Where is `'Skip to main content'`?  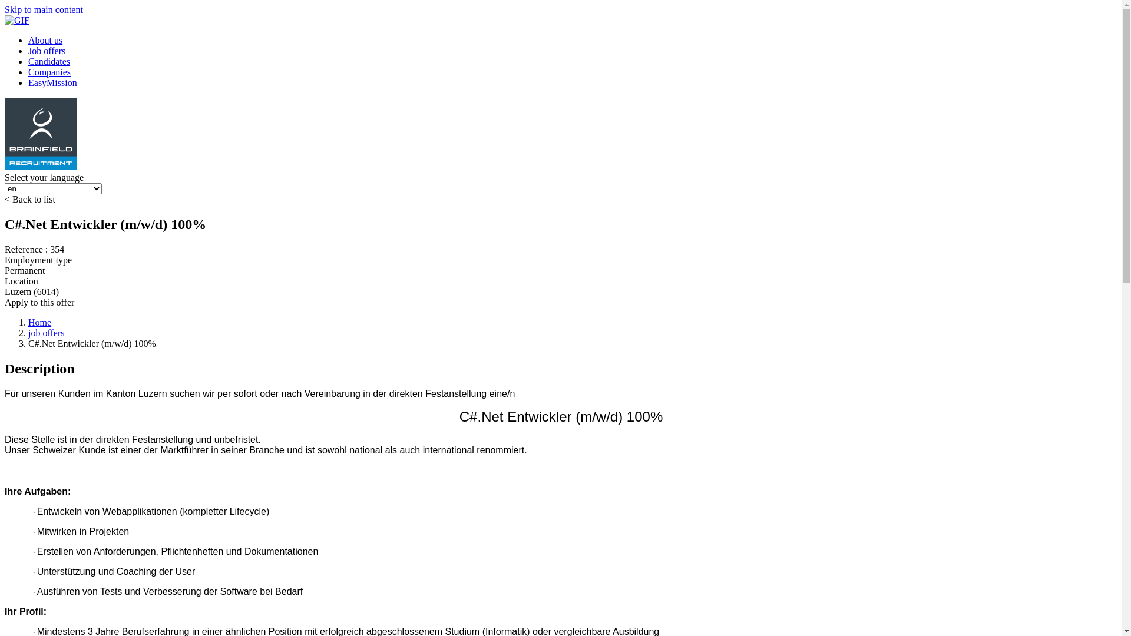
'Skip to main content' is located at coordinates (44, 9).